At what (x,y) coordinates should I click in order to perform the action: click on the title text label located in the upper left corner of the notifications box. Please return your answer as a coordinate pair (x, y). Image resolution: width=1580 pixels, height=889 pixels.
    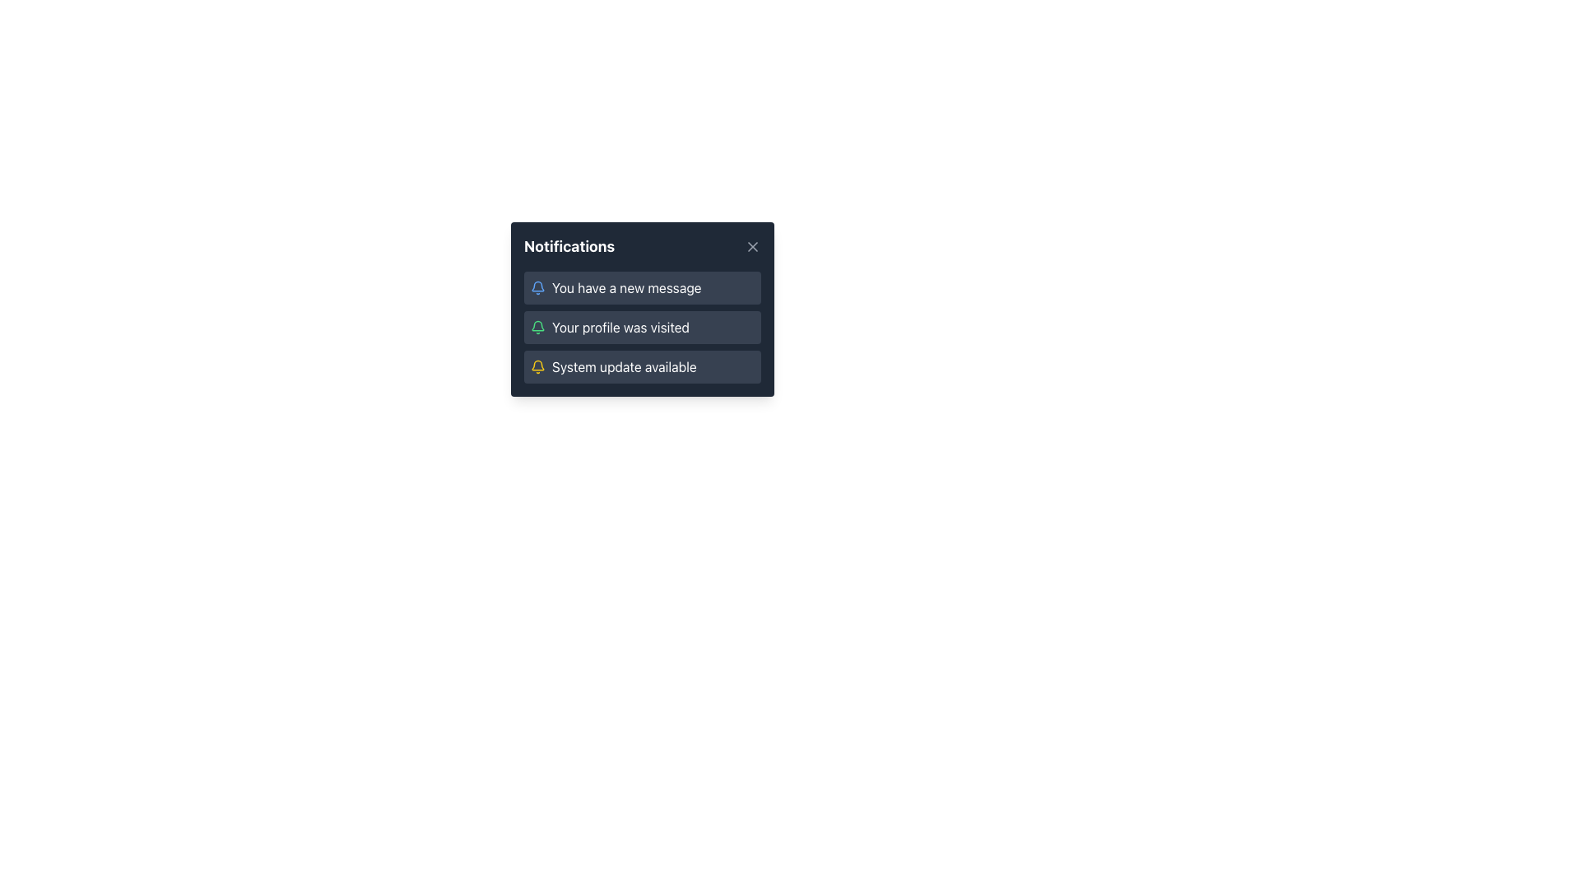
    Looking at the image, I should click on (569, 247).